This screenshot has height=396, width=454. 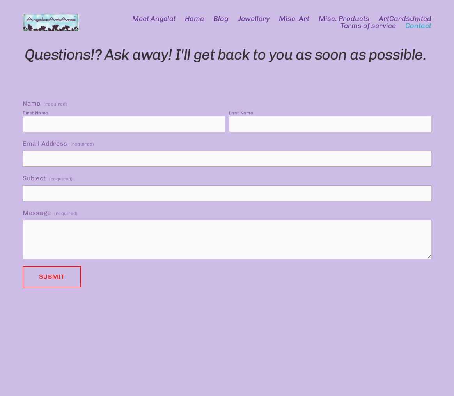 I want to click on 'Submit', so click(x=52, y=276).